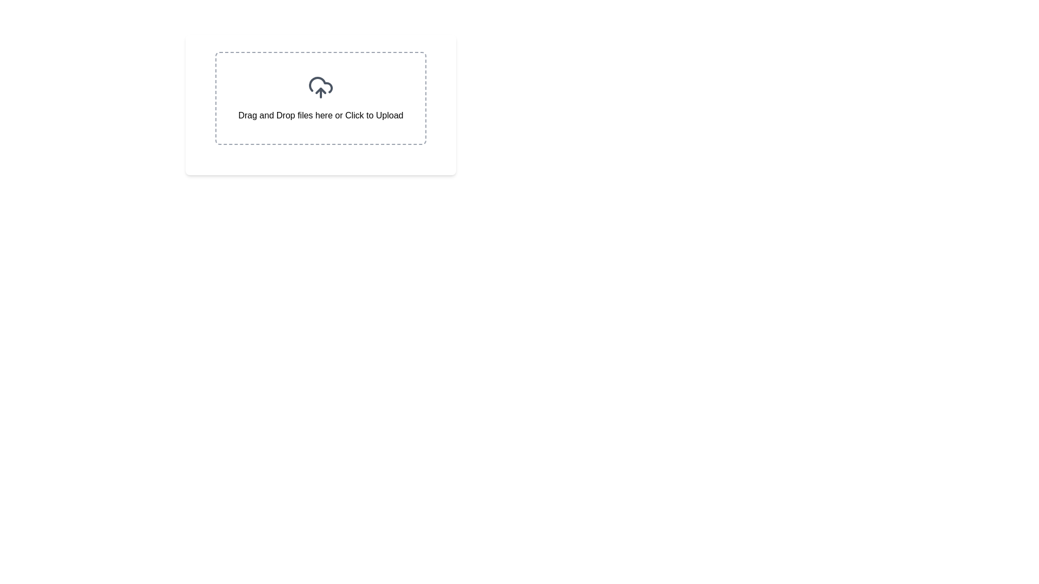 Image resolution: width=1039 pixels, height=584 pixels. What do you see at coordinates (320, 98) in the screenshot?
I see `files into the Interactive file upload area, which features a dashed border and rounded corners` at bounding box center [320, 98].